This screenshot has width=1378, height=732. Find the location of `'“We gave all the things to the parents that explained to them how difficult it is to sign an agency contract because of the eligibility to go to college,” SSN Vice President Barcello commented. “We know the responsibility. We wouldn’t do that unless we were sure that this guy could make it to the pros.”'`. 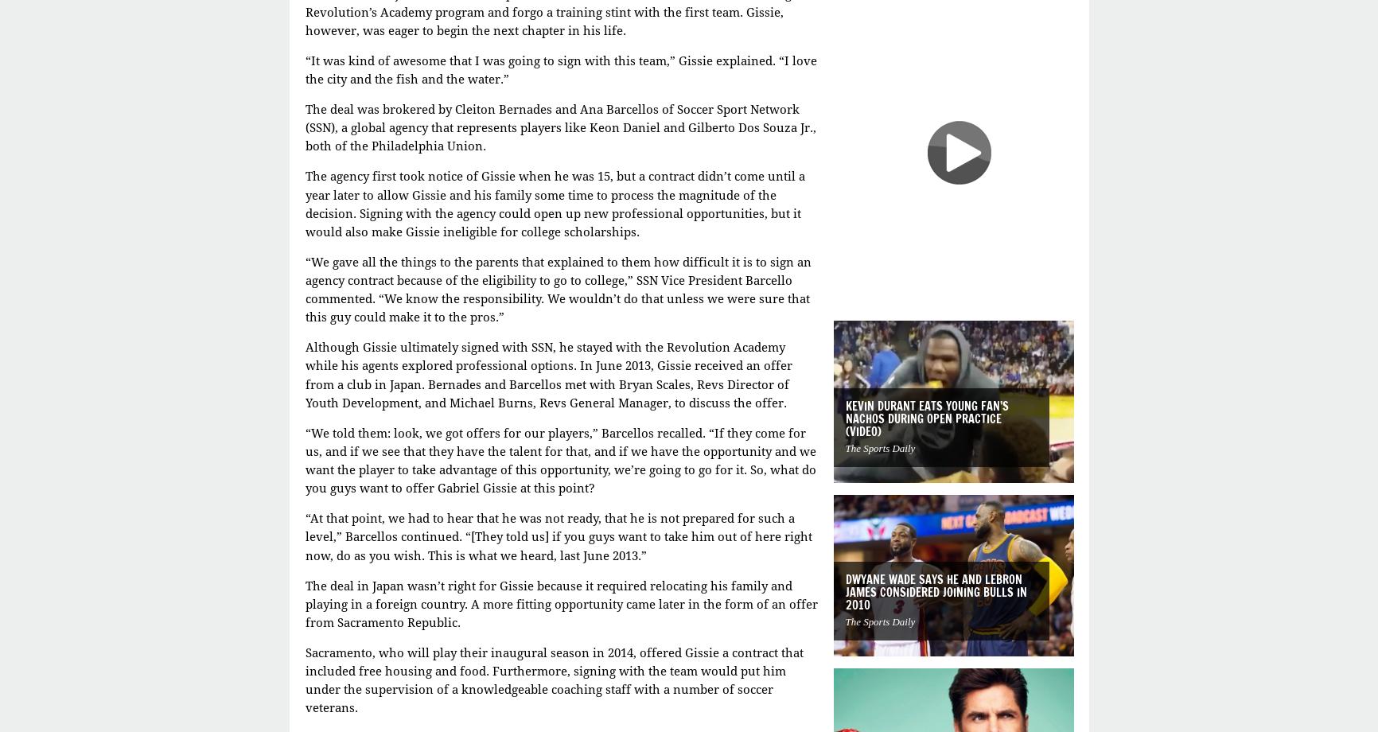

'“We gave all the things to the parents that explained to them how difficult it is to sign an agency contract because of the eligibility to go to college,” SSN Vice President Barcello commented. “We know the responsibility. We wouldn’t do that unless we were sure that this guy could make it to the pros.”' is located at coordinates (303, 289).